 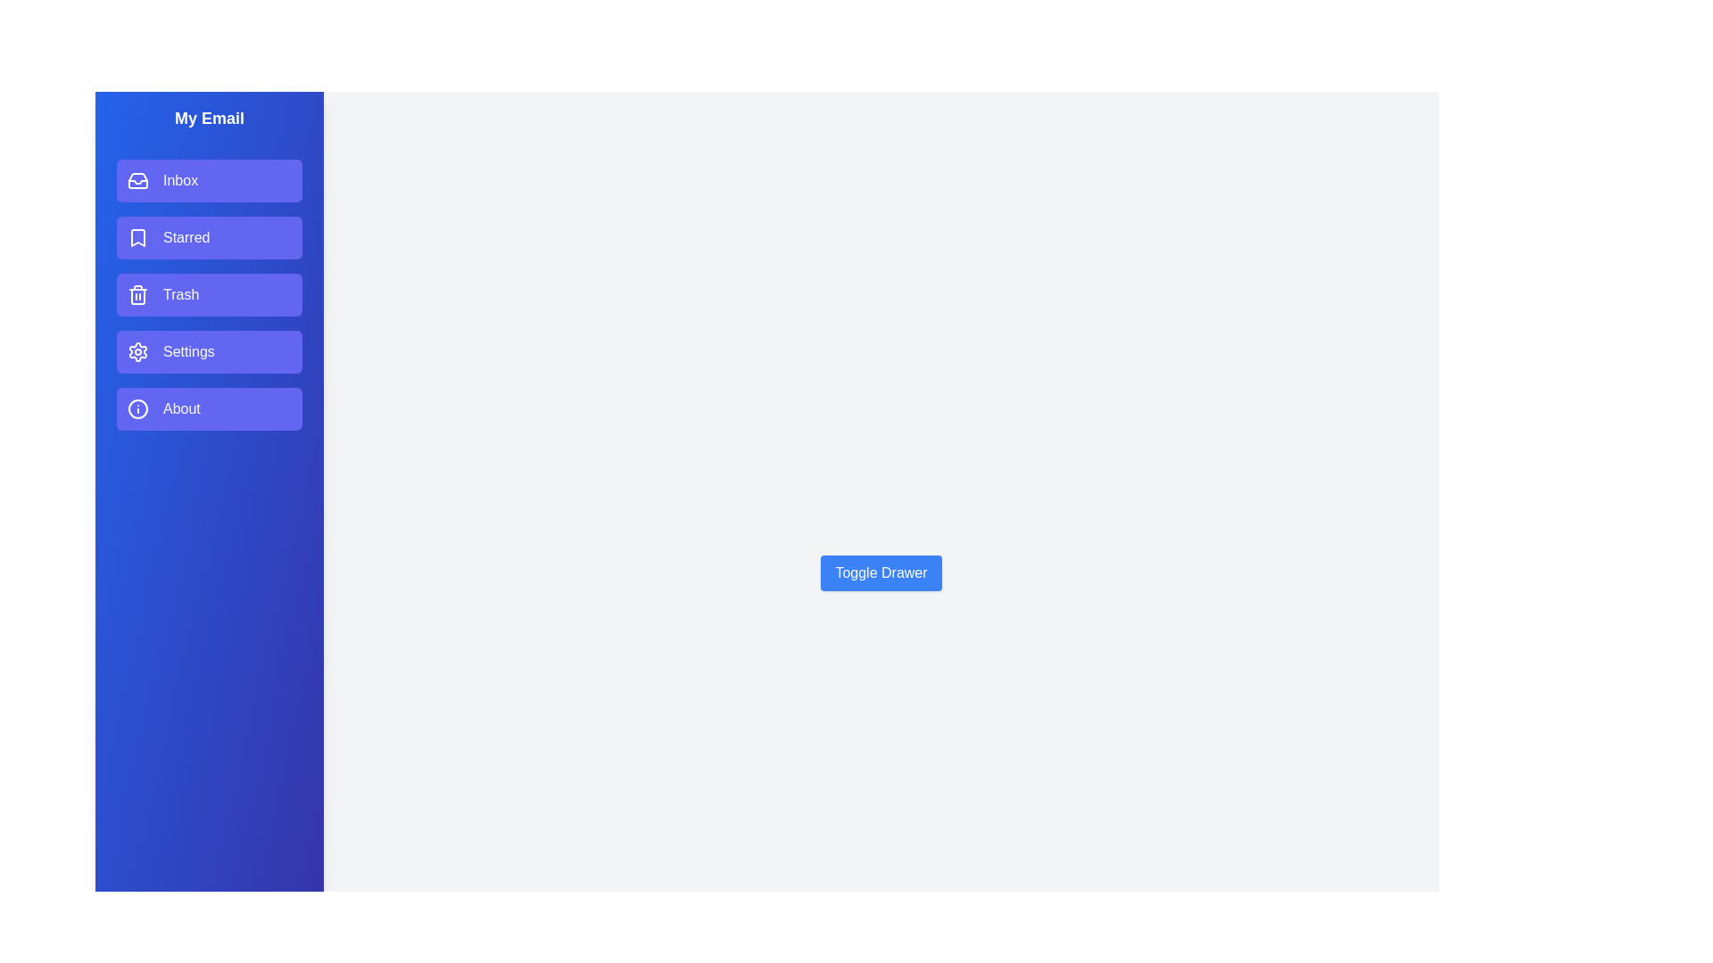 What do you see at coordinates (210, 409) in the screenshot?
I see `the email section item About` at bounding box center [210, 409].